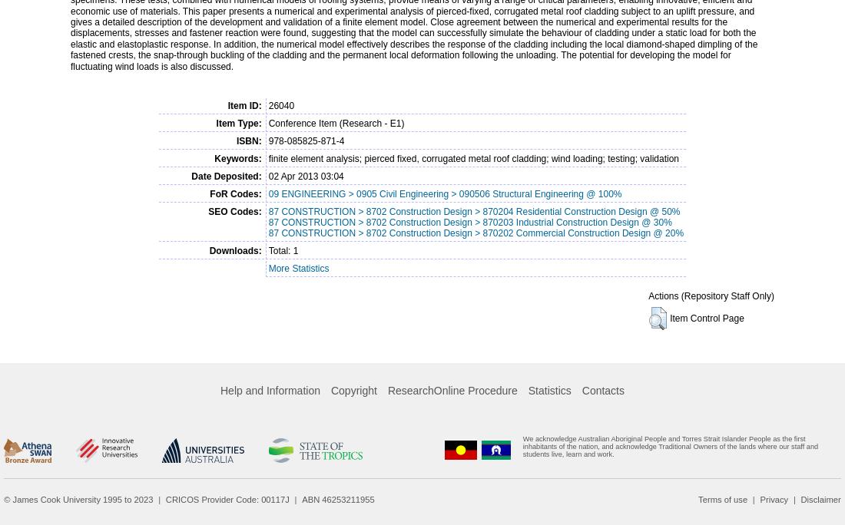 The height and width of the screenshot is (525, 845). What do you see at coordinates (707, 317) in the screenshot?
I see `'Item Control Page'` at bounding box center [707, 317].